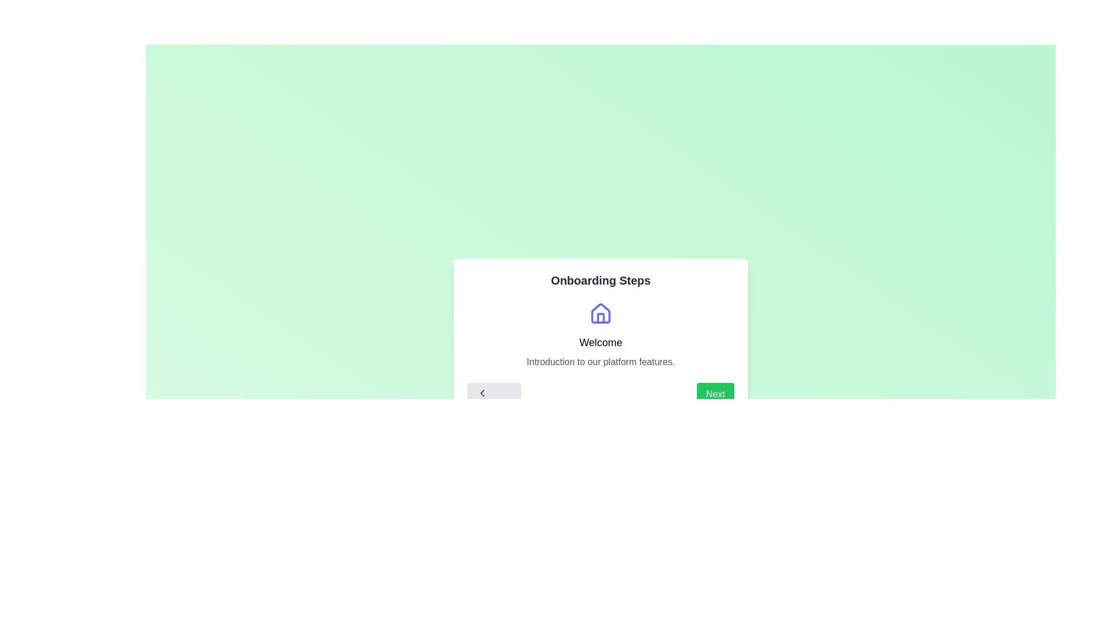 This screenshot has width=1104, height=621. I want to click on the green progress indicator dot in the pagination located at the bottom of the onboarding steps modal, so click(600, 435).